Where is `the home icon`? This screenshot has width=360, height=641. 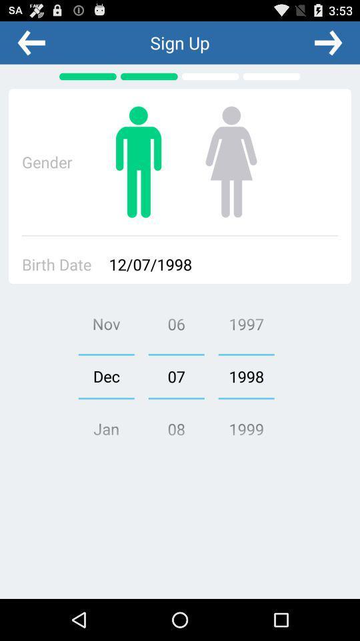
the home icon is located at coordinates (230, 172).